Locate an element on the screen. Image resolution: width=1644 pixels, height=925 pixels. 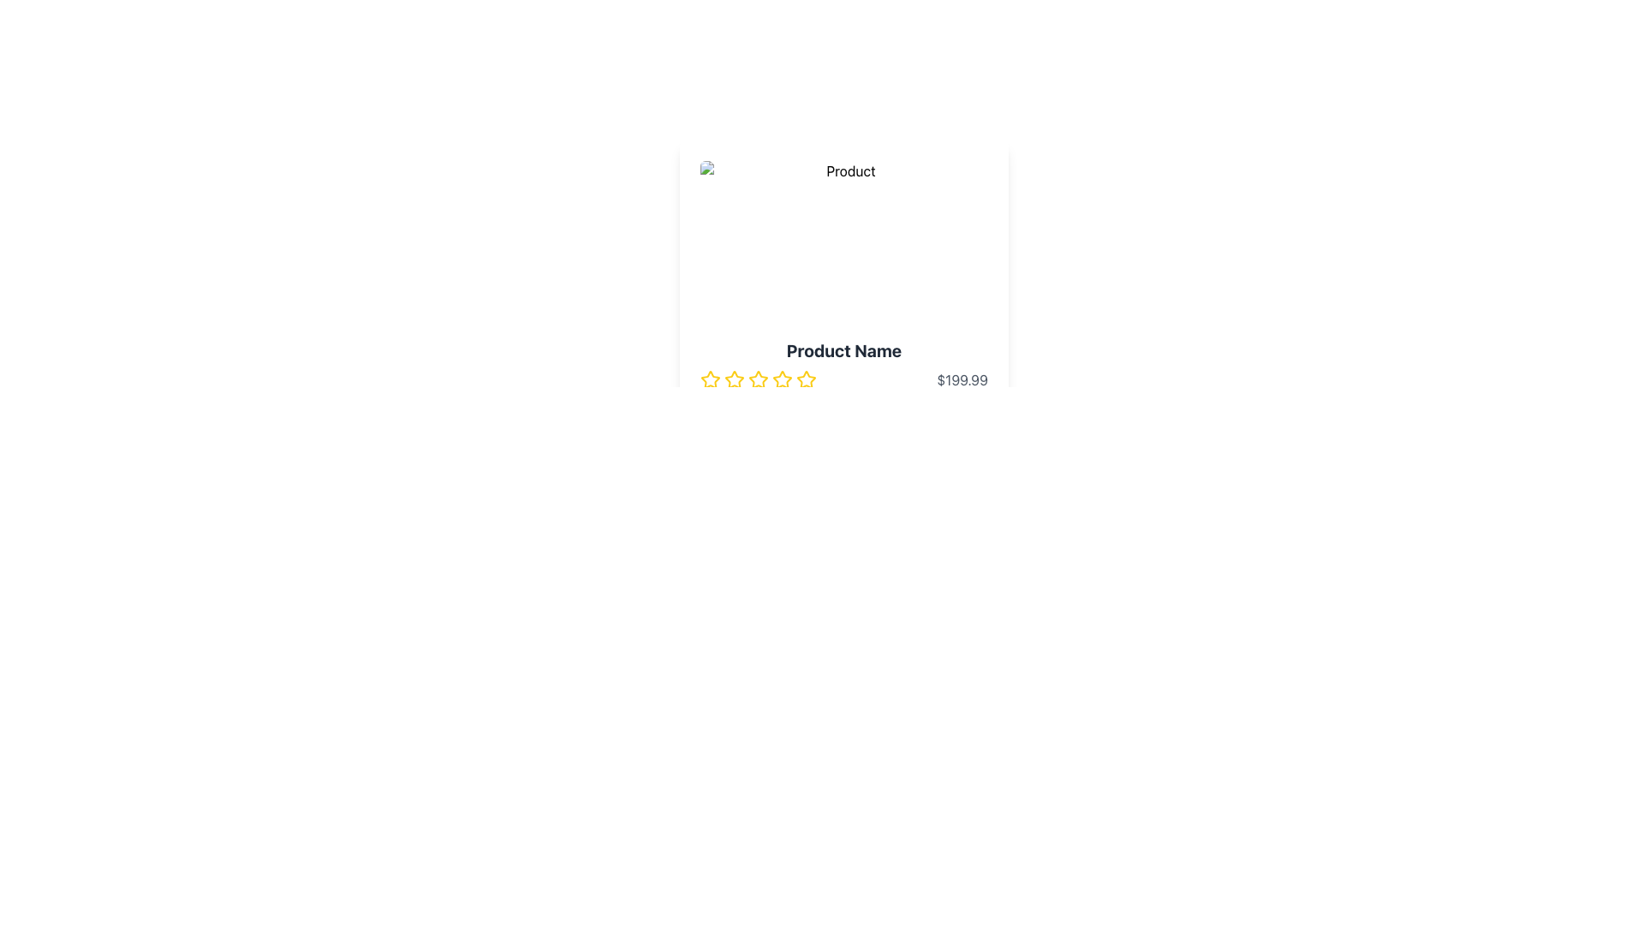
the fourth star in the 5-star rating system located beneath the 'Product Name' text to rate the product is located at coordinates (805, 379).